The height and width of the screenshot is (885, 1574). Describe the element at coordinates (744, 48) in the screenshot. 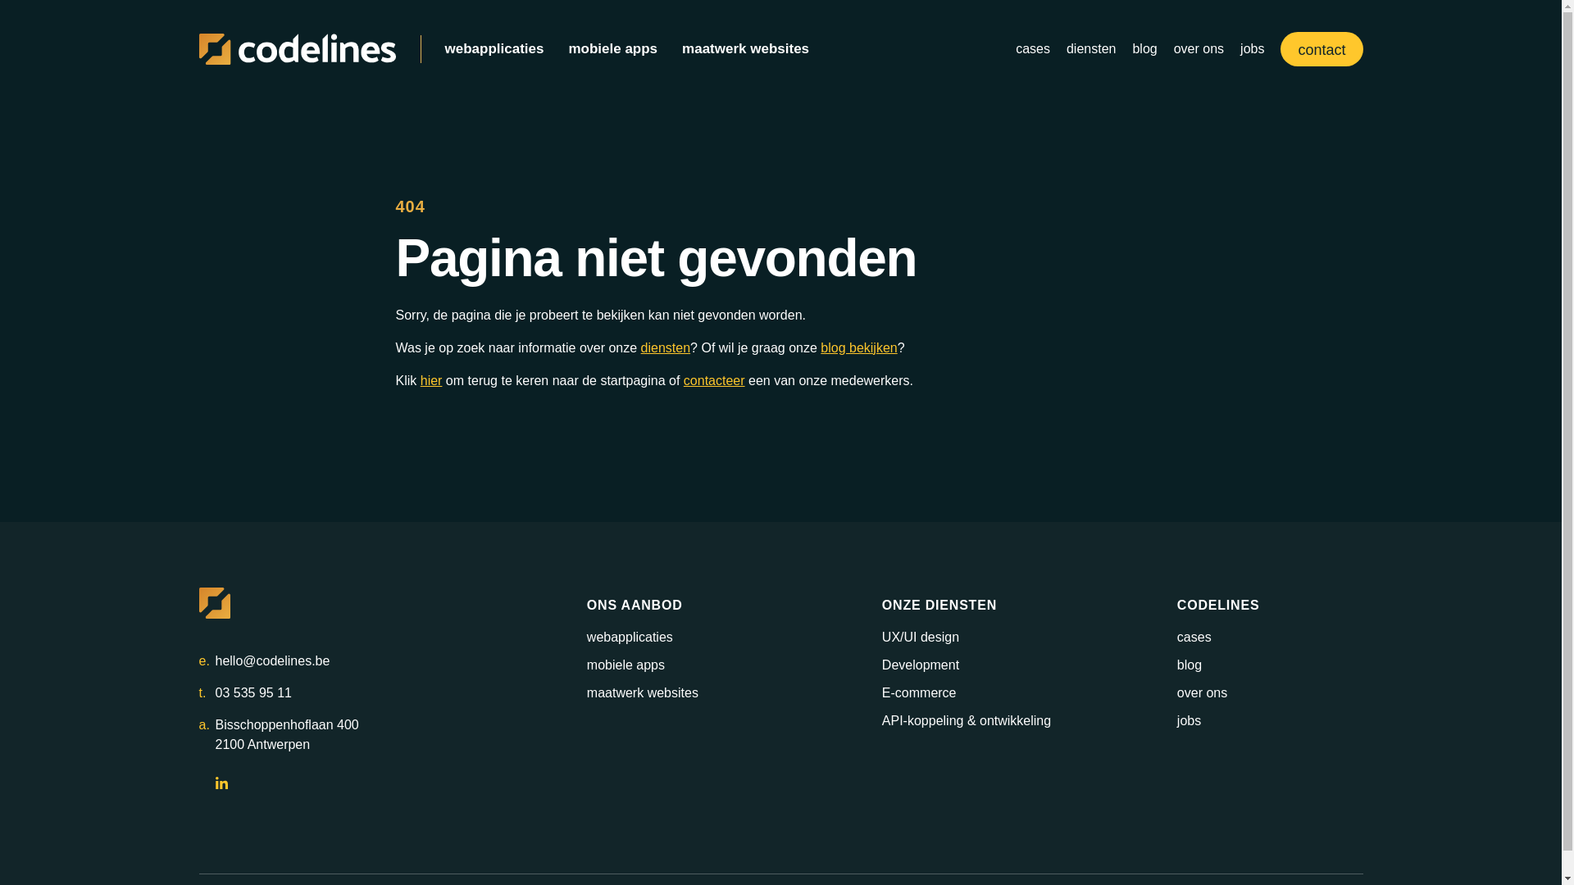

I see `'maatwerk websites'` at that location.